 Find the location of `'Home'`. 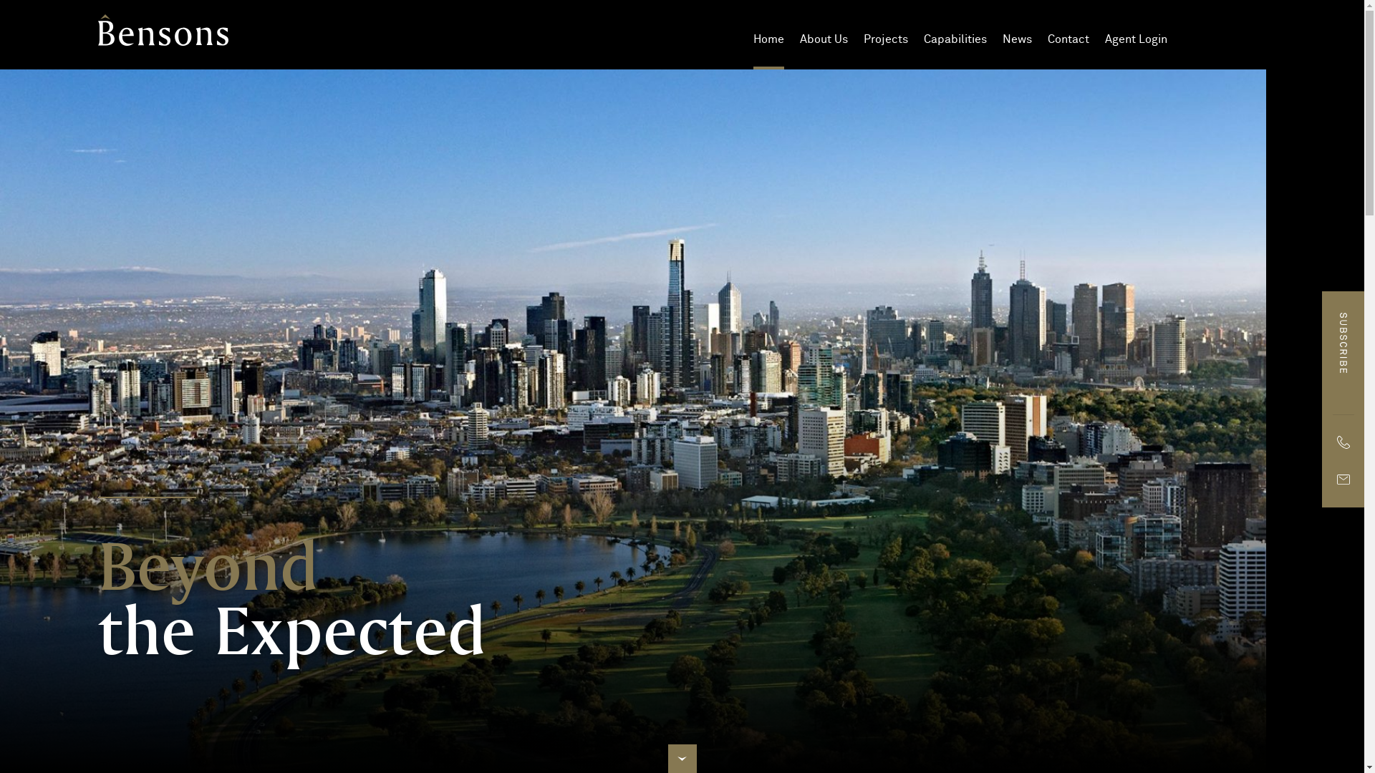

'Home' is located at coordinates (752, 38).